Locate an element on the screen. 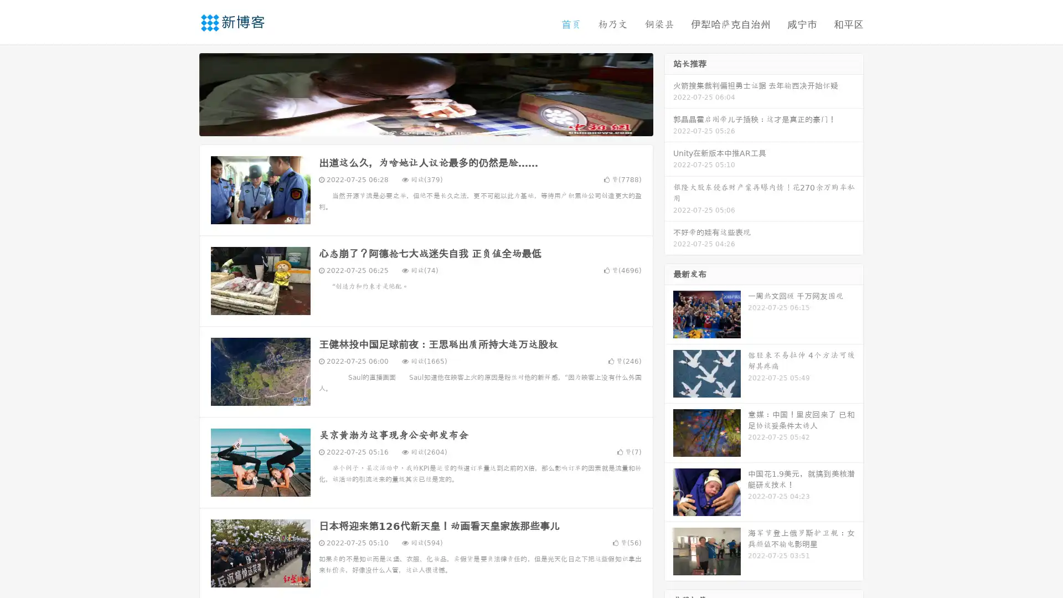 The image size is (1063, 598). Next slide is located at coordinates (669, 93).